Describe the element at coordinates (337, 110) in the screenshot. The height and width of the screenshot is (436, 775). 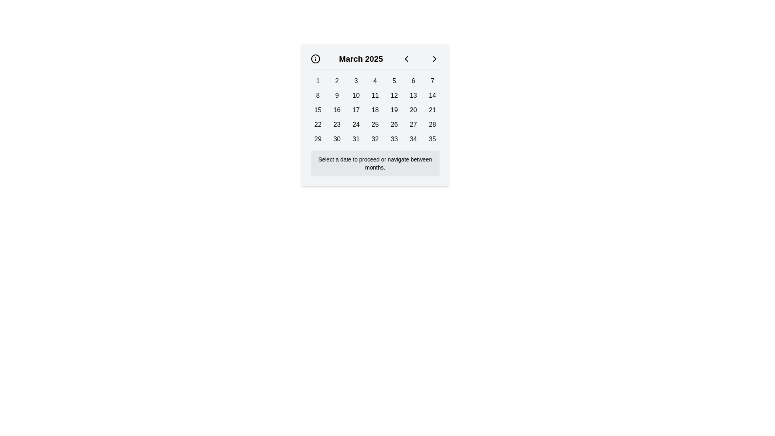
I see `the button labeled '16' in the second column of the third row in the calendar widget` at that location.